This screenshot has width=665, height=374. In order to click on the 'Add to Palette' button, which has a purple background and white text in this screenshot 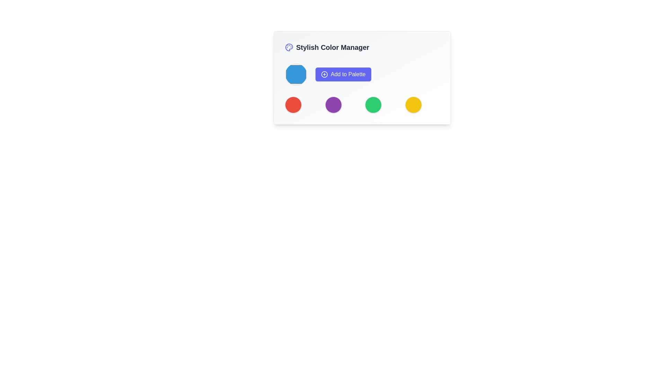, I will do `click(343, 74)`.